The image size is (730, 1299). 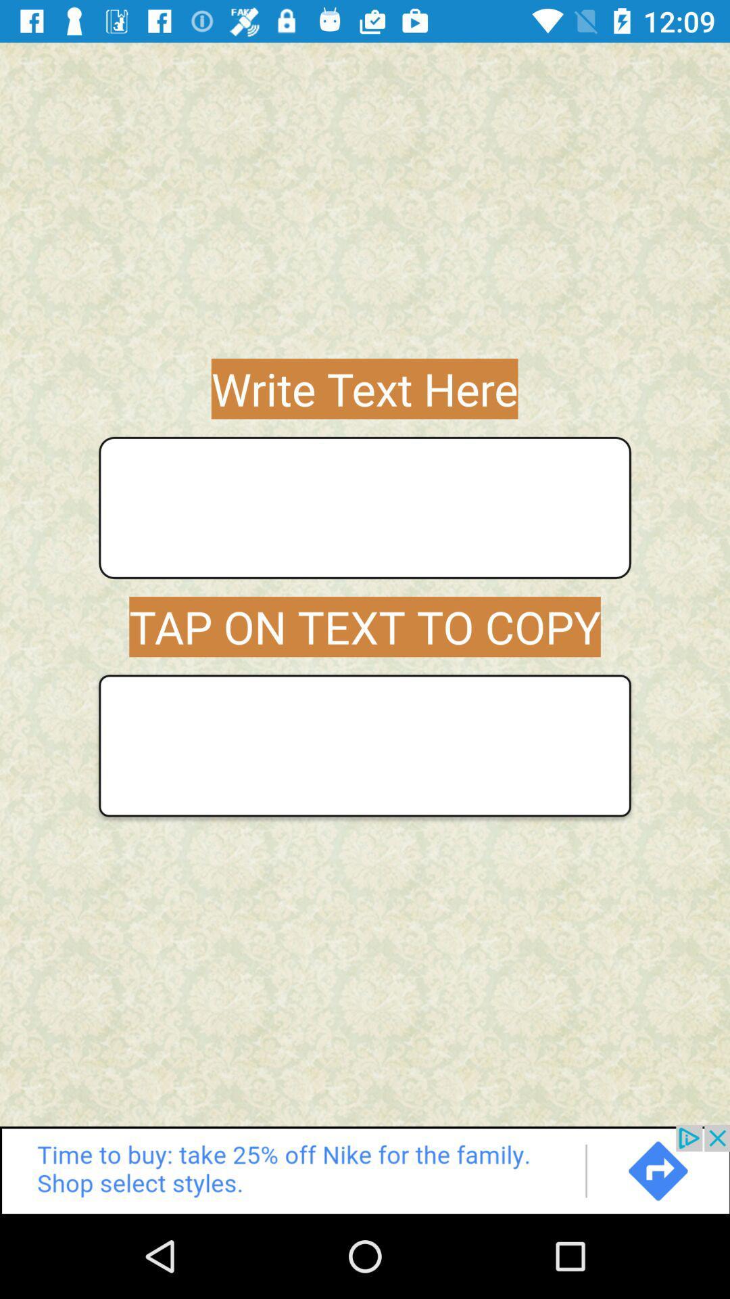 What do you see at coordinates (365, 1168) in the screenshot?
I see `click advertisement to open` at bounding box center [365, 1168].